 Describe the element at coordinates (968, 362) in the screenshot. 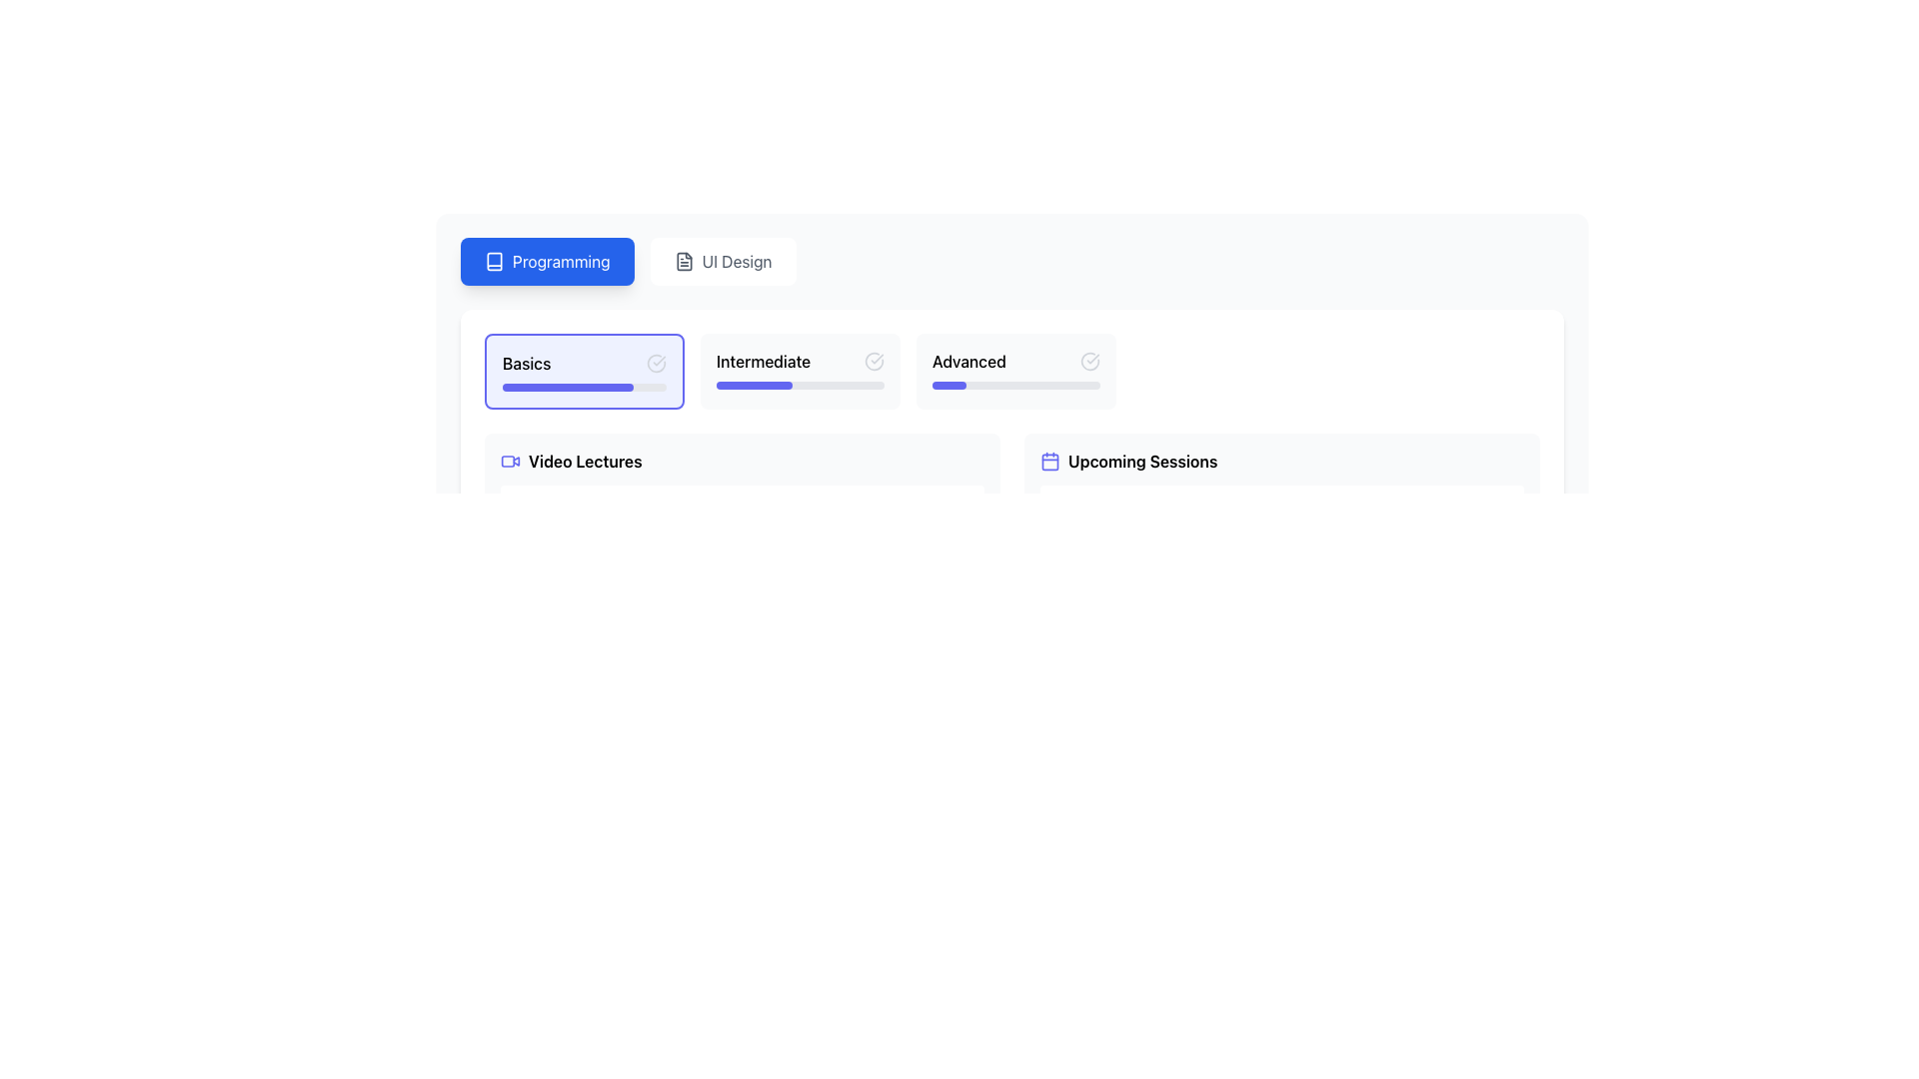

I see `the informational Text label indicating an advanced level or category, positioned at the far right of the horizontal arrangement with 'Basics' and 'Intermediate'` at that location.